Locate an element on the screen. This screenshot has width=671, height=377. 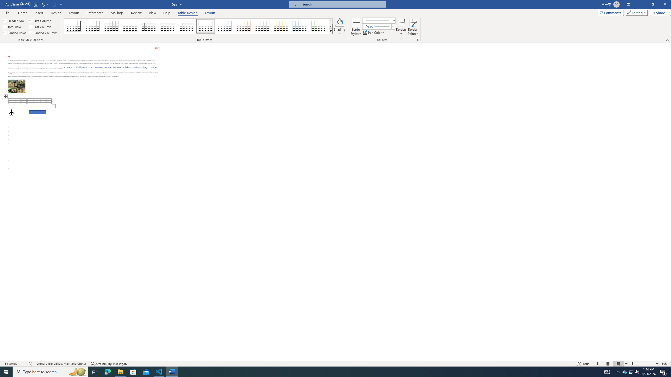
'AutomationID: TableStylesGalleryWord' is located at coordinates (198, 26).